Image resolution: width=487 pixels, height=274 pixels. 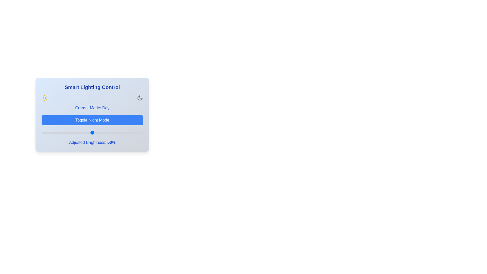 What do you see at coordinates (140, 98) in the screenshot?
I see `the moon-shaped icon with a crescent design, rendered in gray, located in the toolbar to the left of 'Smart Lighting Control'` at bounding box center [140, 98].